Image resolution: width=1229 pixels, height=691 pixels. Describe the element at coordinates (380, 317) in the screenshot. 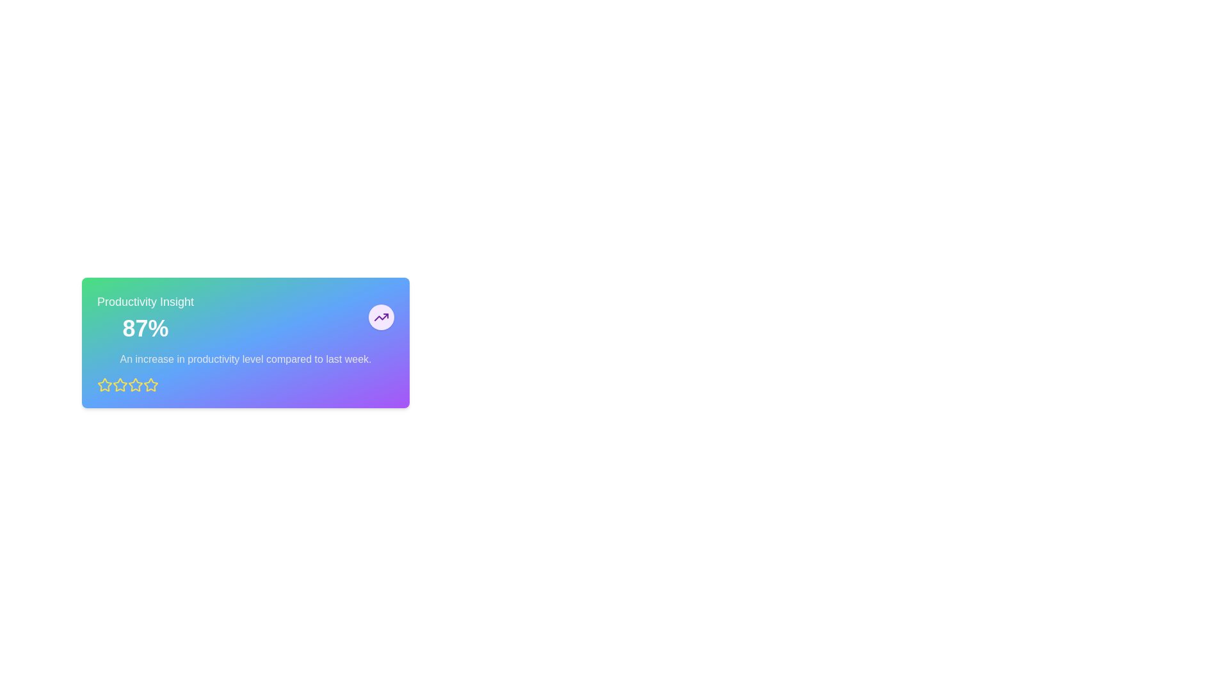

I see `the upward trending arrow icon, which is styled with a purple color and is located inside a circular button at the top-right corner of a productivity insights card interface` at that location.